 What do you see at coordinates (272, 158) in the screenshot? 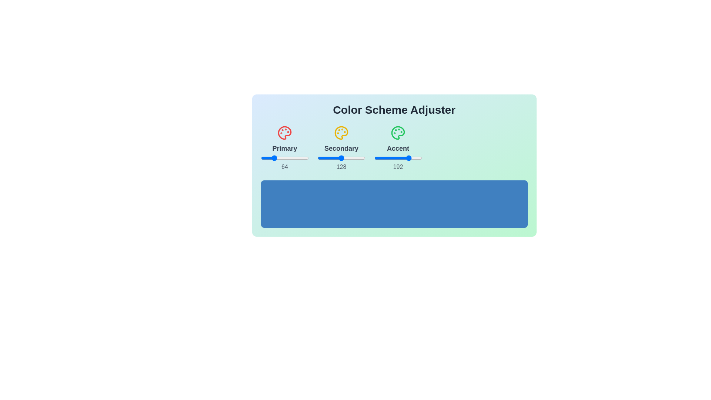
I see `the 1 slider to 61` at bounding box center [272, 158].